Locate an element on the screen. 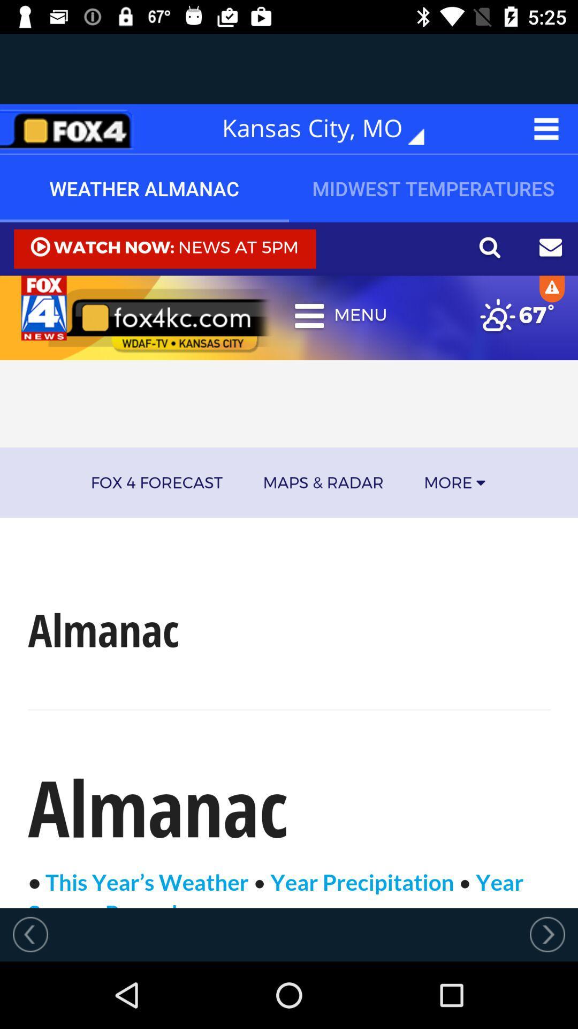 Image resolution: width=578 pixels, height=1029 pixels. open previous screen is located at coordinates (30, 934).